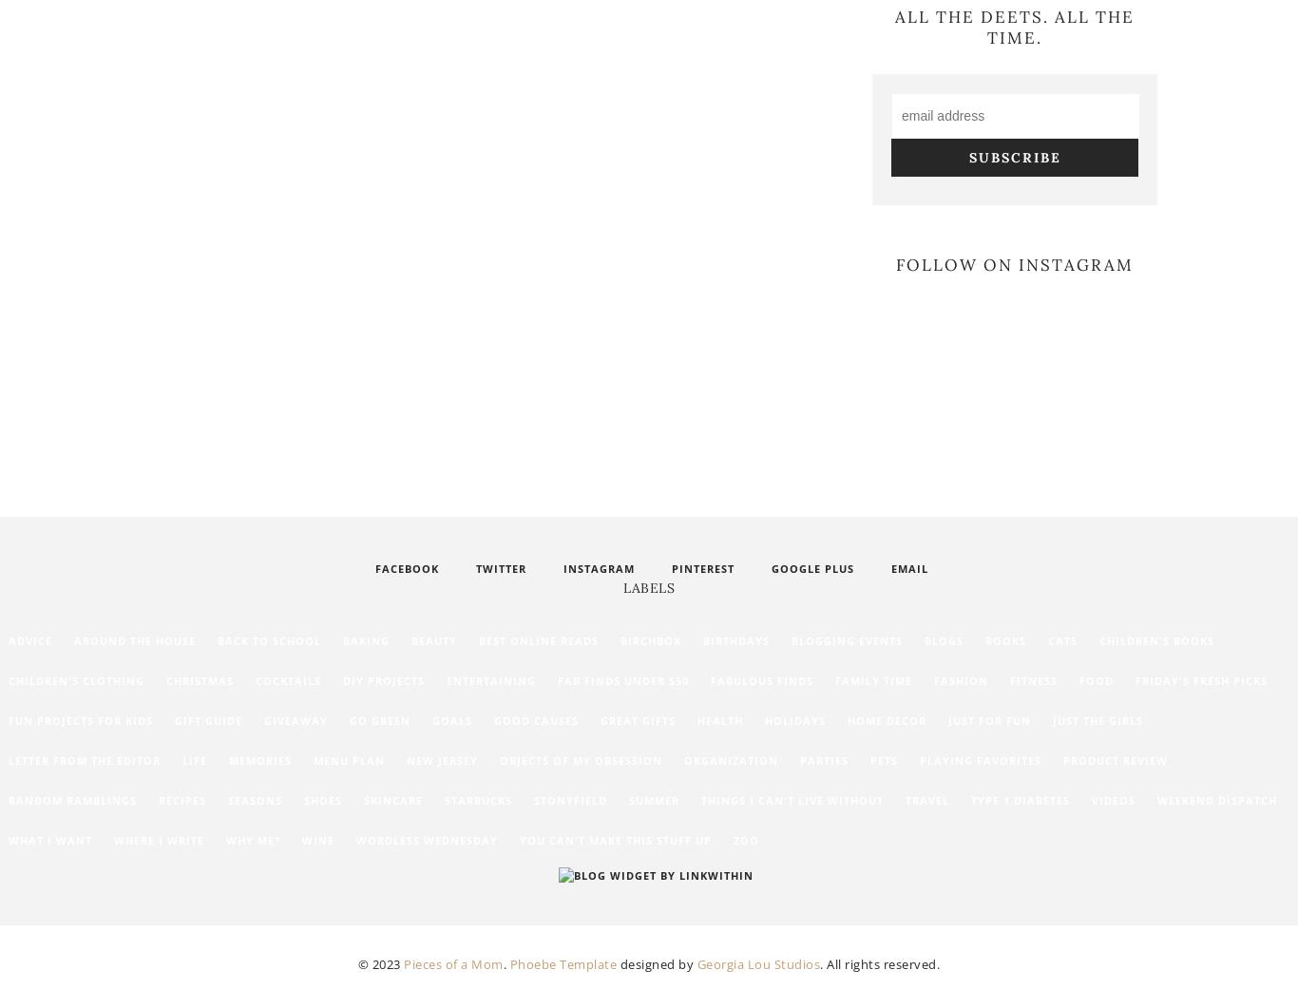 The width and height of the screenshot is (1298, 989). I want to click on 'Cocktails', so click(288, 679).